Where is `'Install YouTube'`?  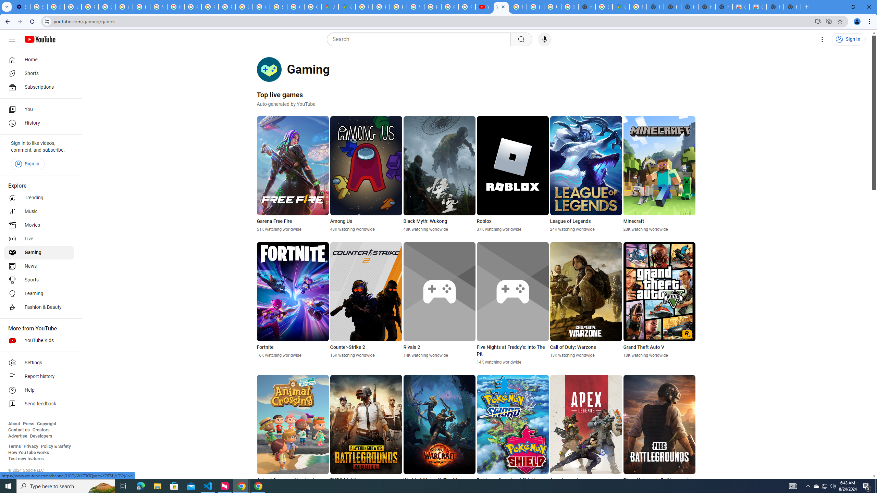 'Install YouTube' is located at coordinates (818, 21).